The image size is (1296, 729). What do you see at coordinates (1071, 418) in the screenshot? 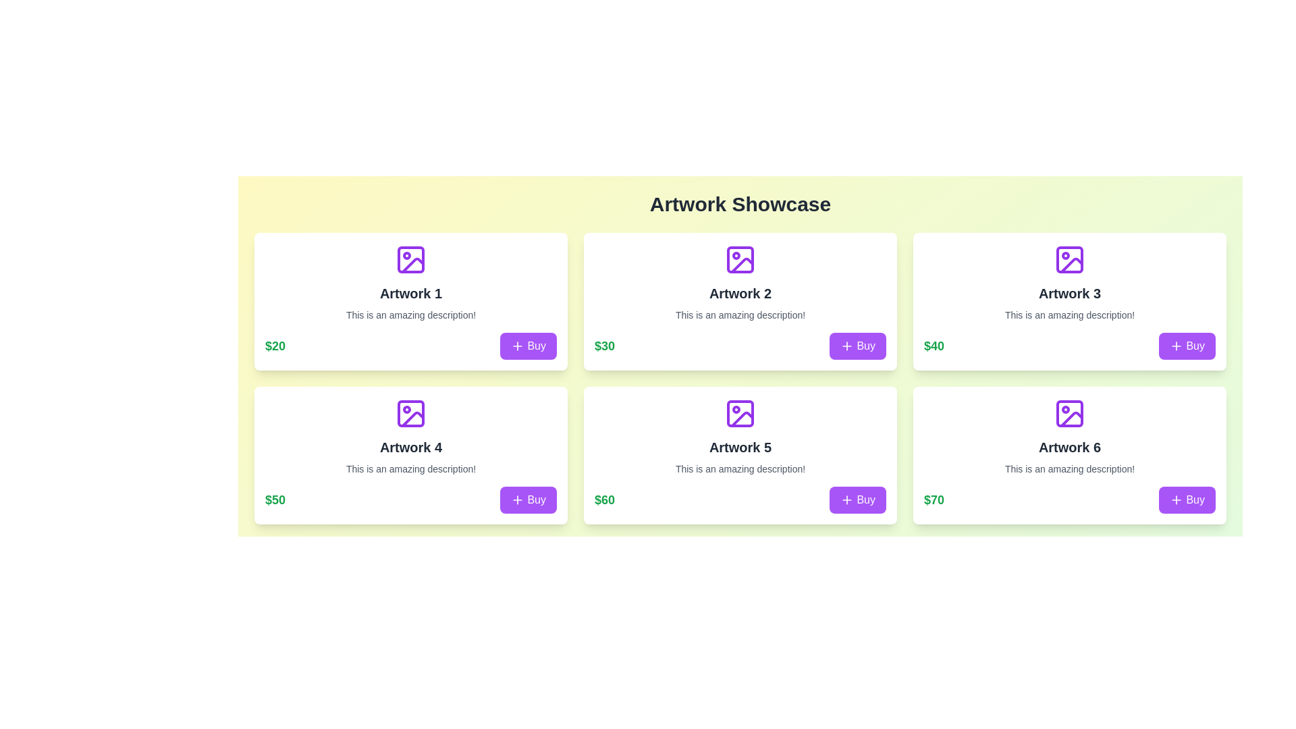
I see `the graphic icon detail located in the bottom-right corner of the grid, which is part of the purple icon of 'Artwork 6'` at bounding box center [1071, 418].